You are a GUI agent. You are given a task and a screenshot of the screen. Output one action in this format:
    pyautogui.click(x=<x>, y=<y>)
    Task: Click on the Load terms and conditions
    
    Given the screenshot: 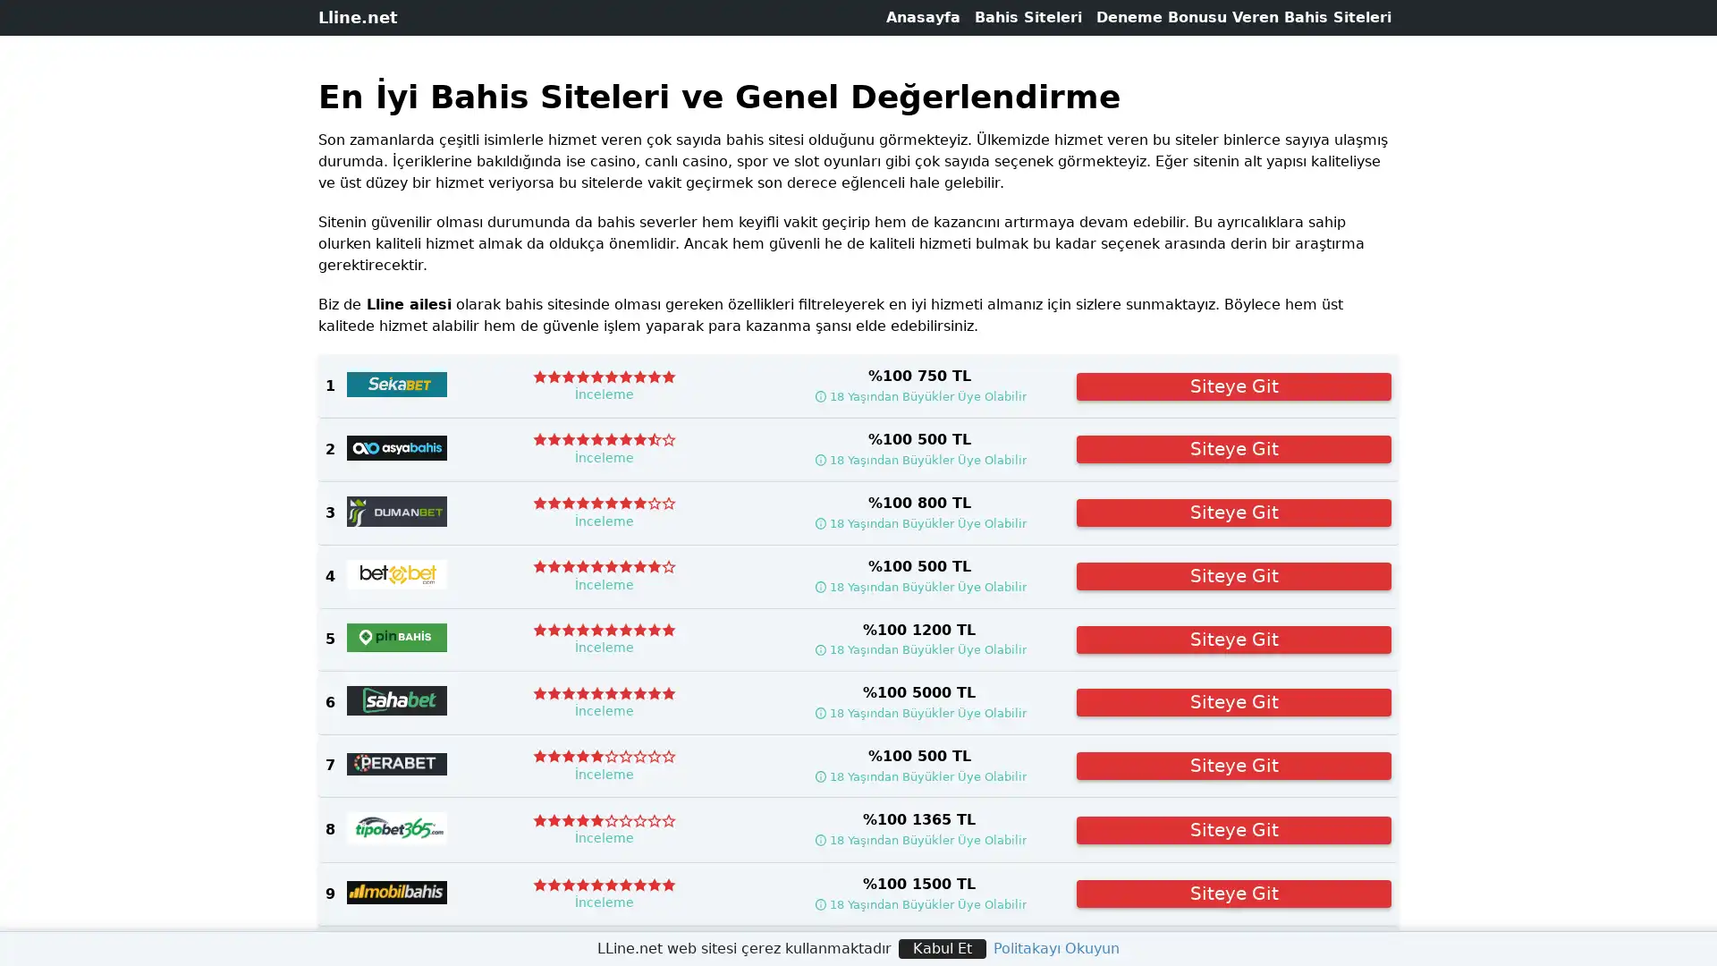 What is the action you would take?
    pyautogui.click(x=918, y=586)
    